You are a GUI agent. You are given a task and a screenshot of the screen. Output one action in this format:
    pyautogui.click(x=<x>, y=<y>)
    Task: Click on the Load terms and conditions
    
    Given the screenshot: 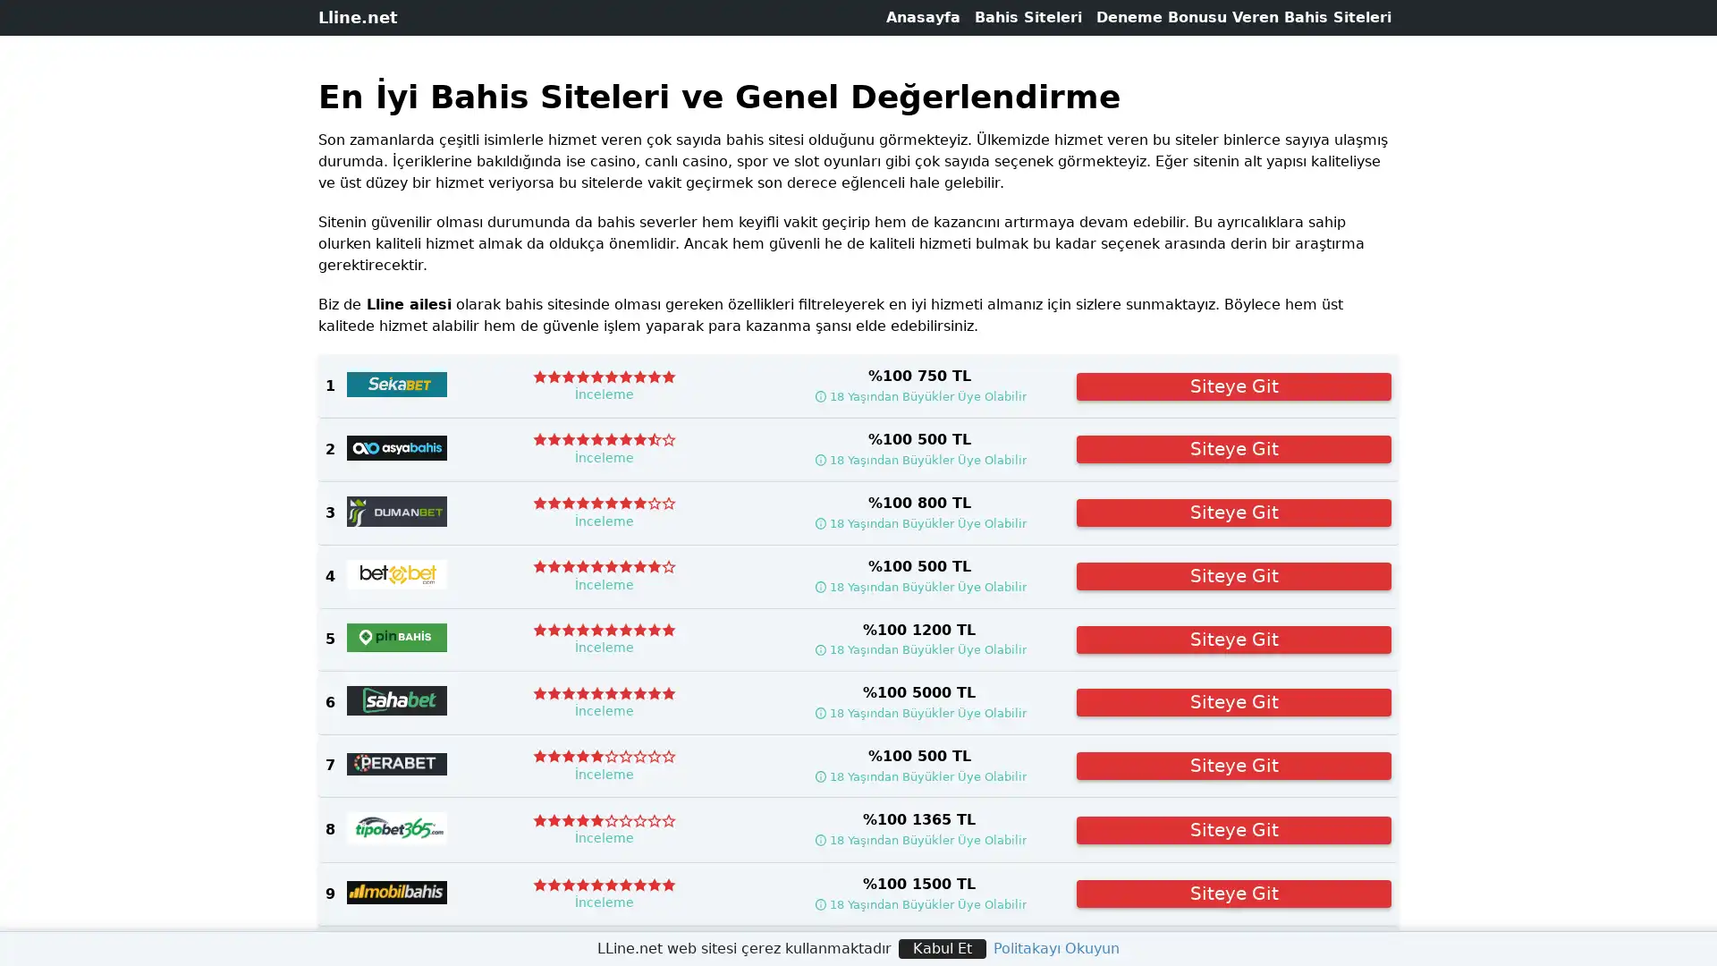 What is the action you would take?
    pyautogui.click(x=918, y=586)
    